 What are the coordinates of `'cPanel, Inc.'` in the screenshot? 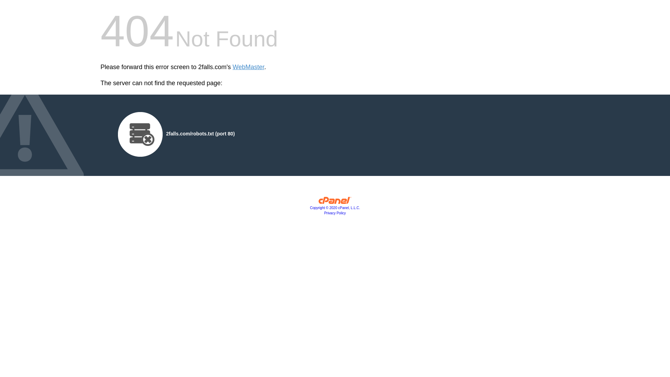 It's located at (335, 202).